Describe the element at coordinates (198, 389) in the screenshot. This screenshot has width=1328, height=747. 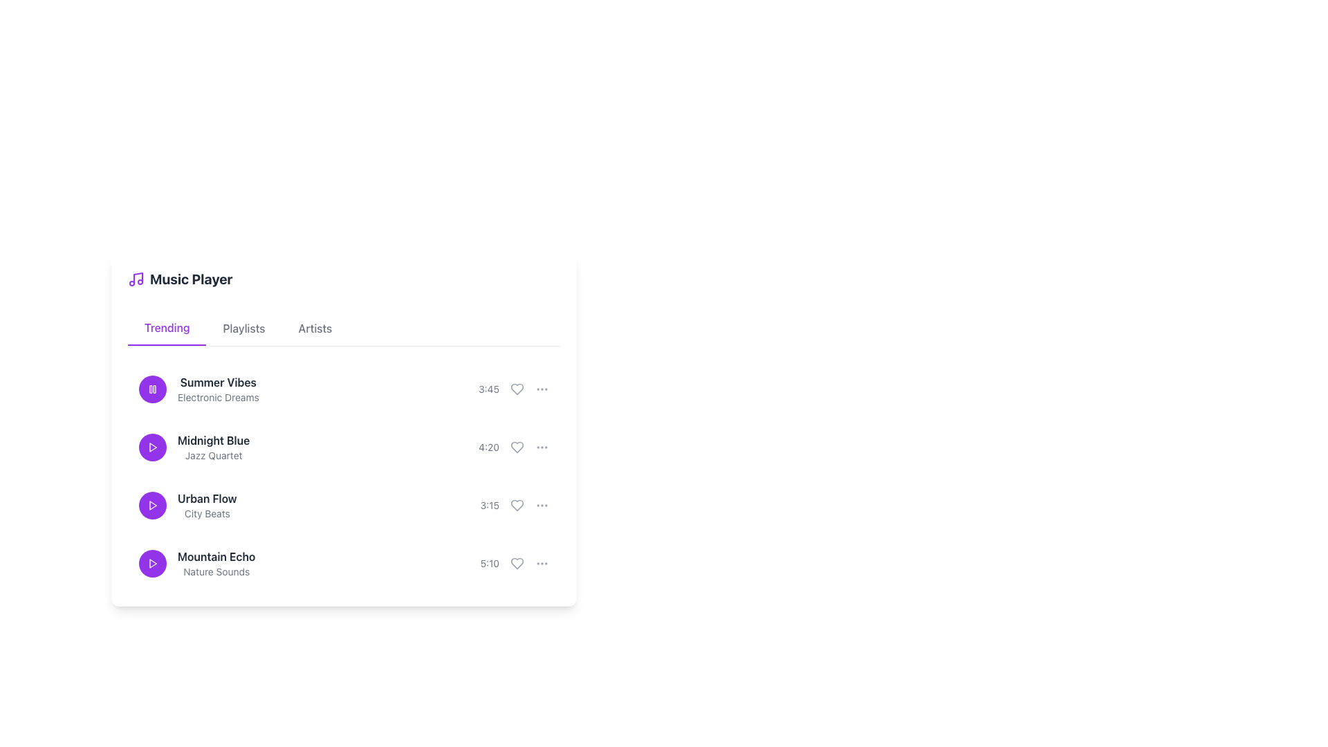
I see `the Text label displaying the title and subtitle of the first entry in the playlist under the 'Trending' tab to interact with related content` at that location.